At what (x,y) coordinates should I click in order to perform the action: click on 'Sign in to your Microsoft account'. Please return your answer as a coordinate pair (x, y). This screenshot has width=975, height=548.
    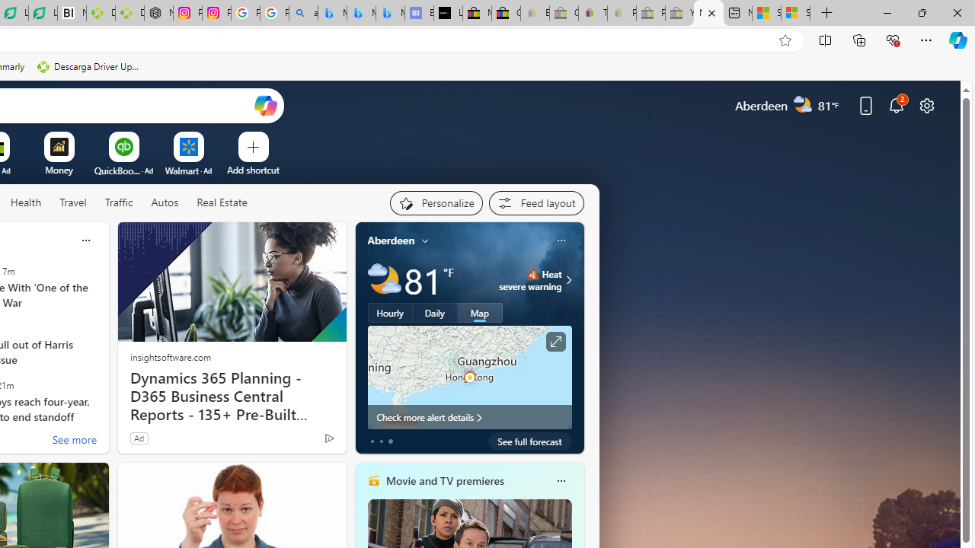
    Looking at the image, I should click on (795, 13).